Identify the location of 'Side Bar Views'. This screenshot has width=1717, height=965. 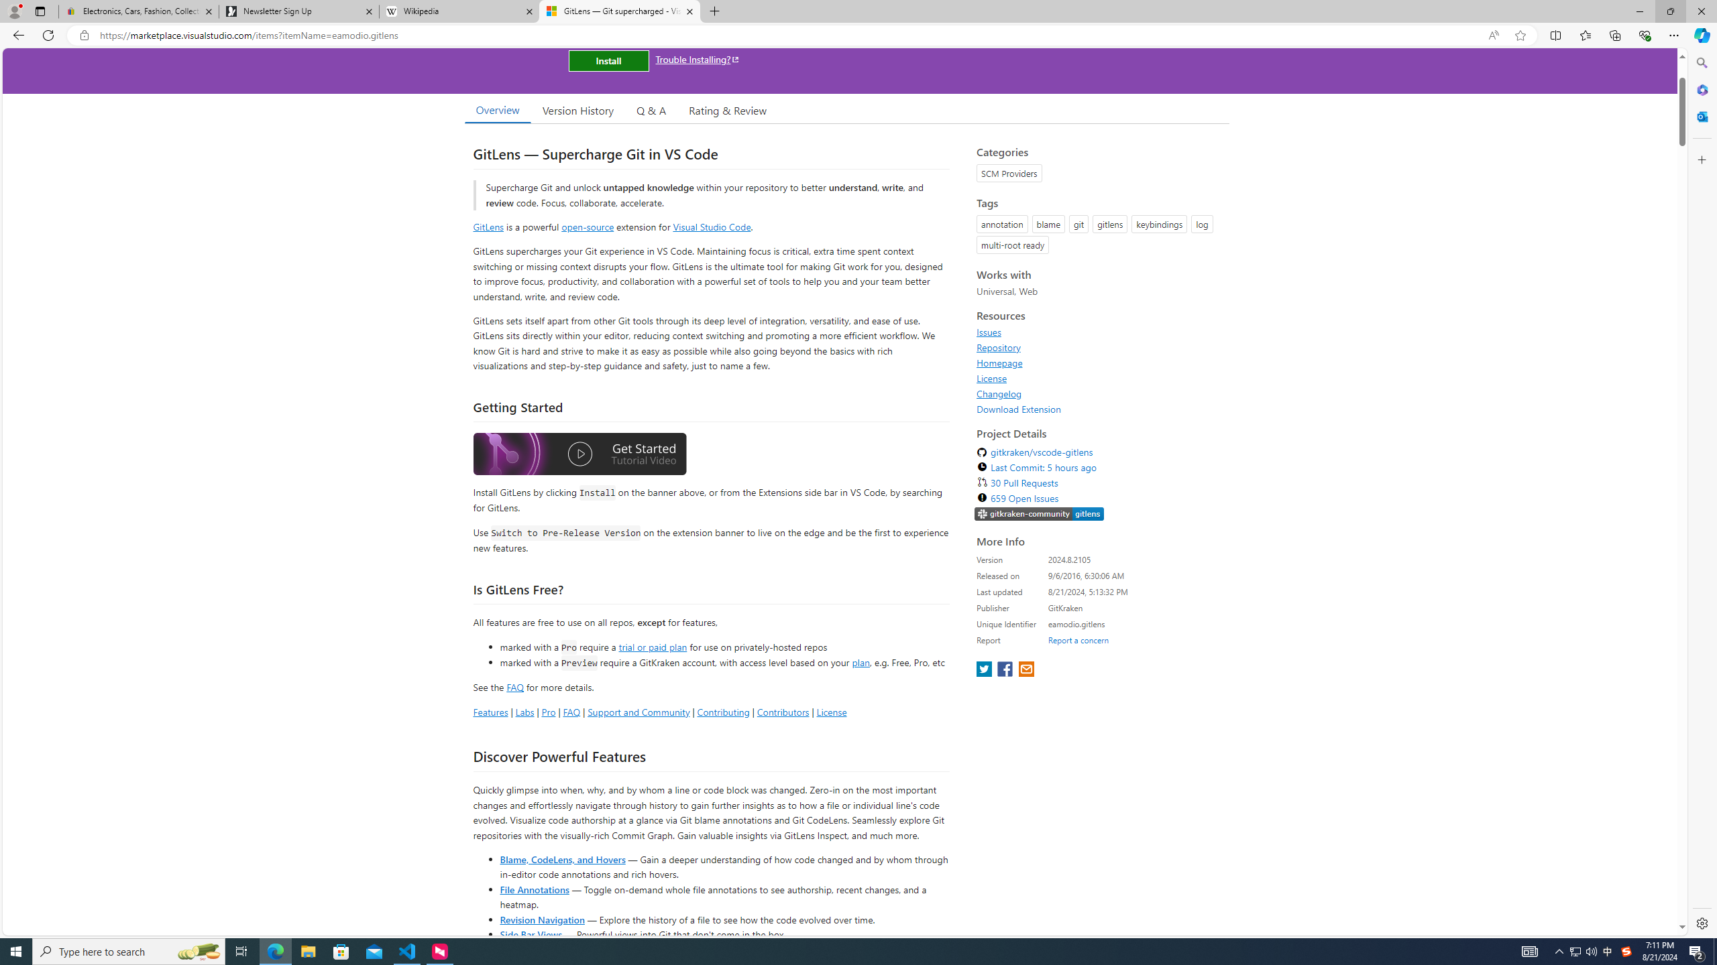
(530, 934).